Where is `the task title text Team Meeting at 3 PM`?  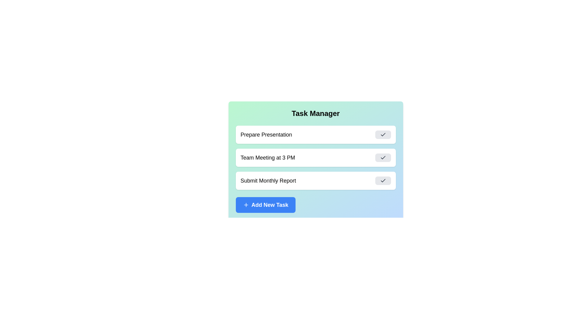 the task title text Team Meeting at 3 PM is located at coordinates (267, 157).